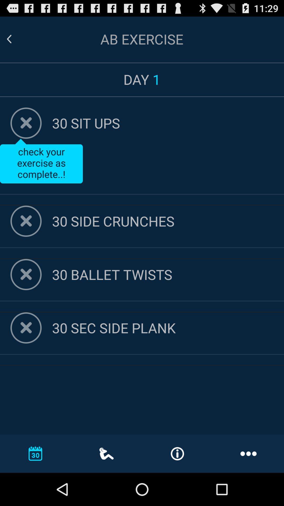 The height and width of the screenshot is (506, 284). Describe the element at coordinates (26, 328) in the screenshot. I see `check off item button` at that location.